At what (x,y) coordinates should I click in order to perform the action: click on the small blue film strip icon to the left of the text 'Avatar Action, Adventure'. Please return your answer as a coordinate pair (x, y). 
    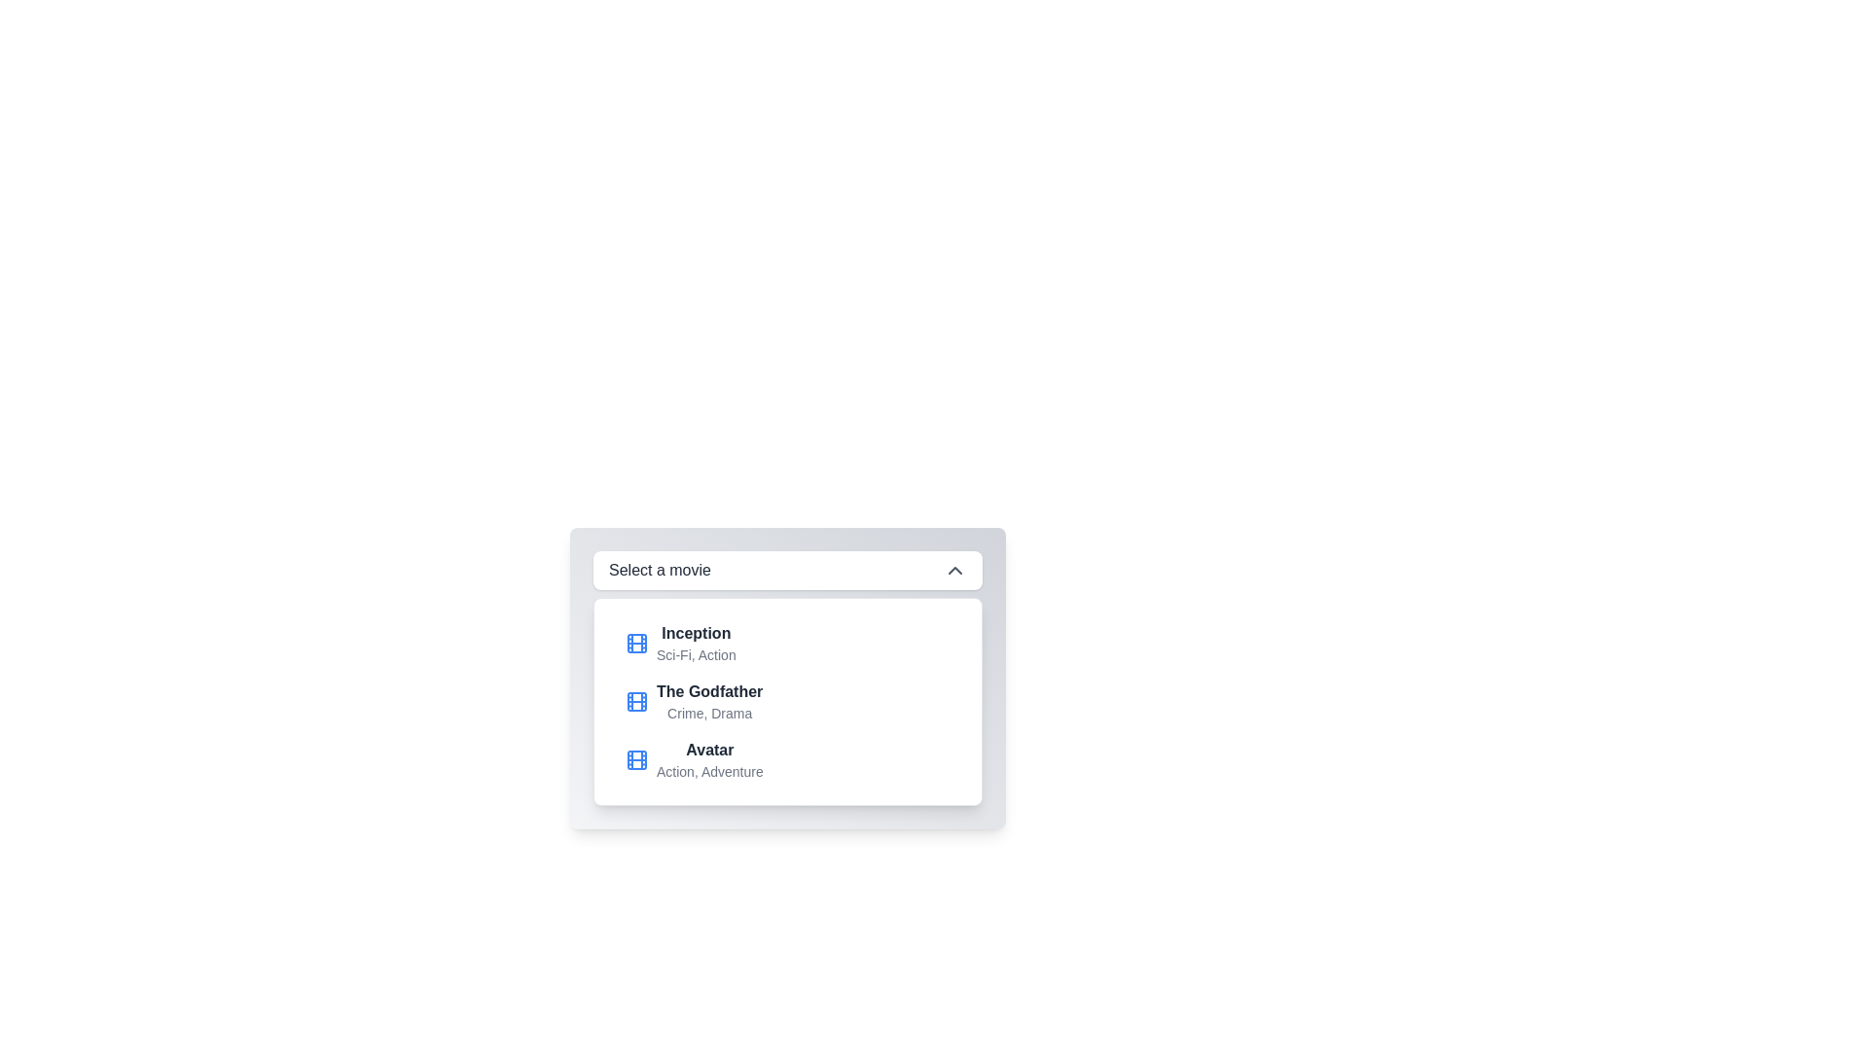
    Looking at the image, I should click on (636, 759).